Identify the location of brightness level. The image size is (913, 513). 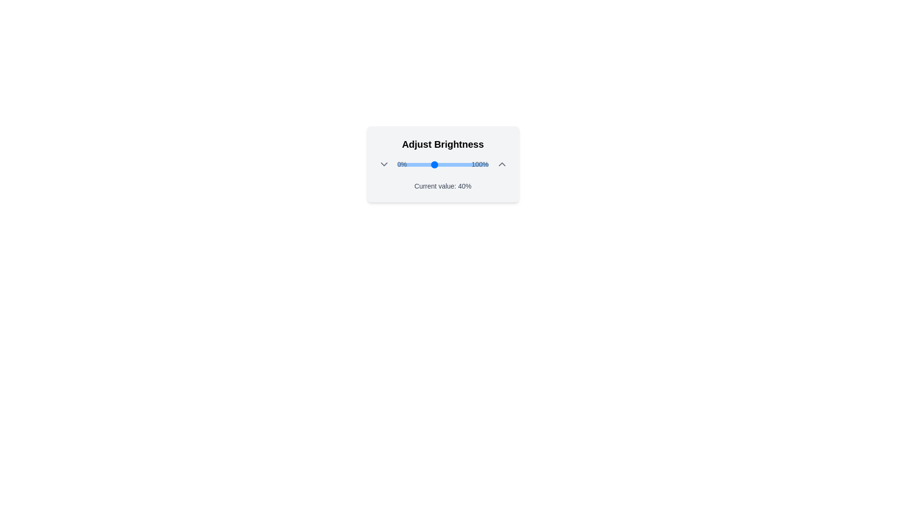
(411, 164).